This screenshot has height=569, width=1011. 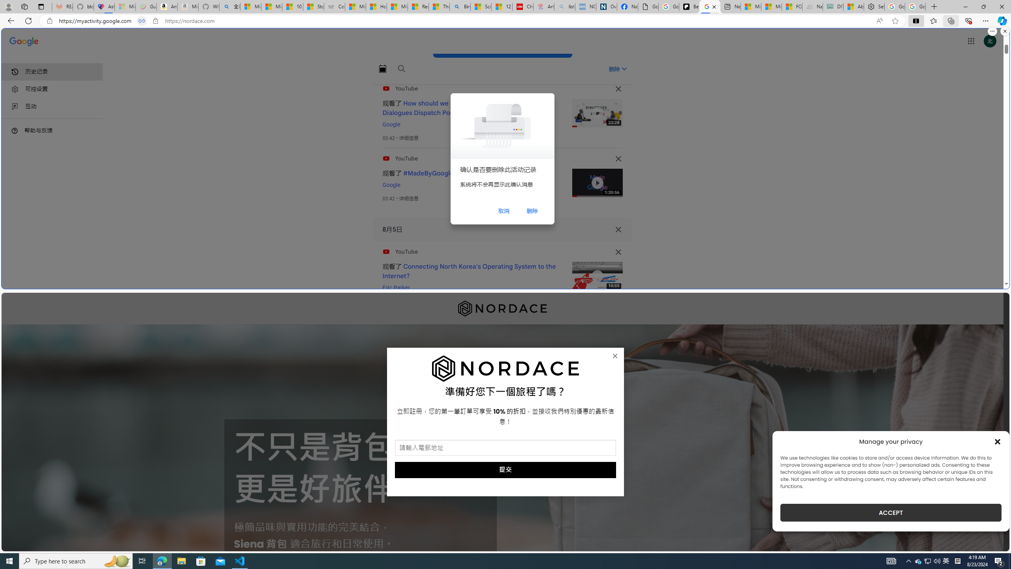 What do you see at coordinates (502, 6) in the screenshot?
I see `'12 Popular Science Lies that Must be Corrected'` at bounding box center [502, 6].